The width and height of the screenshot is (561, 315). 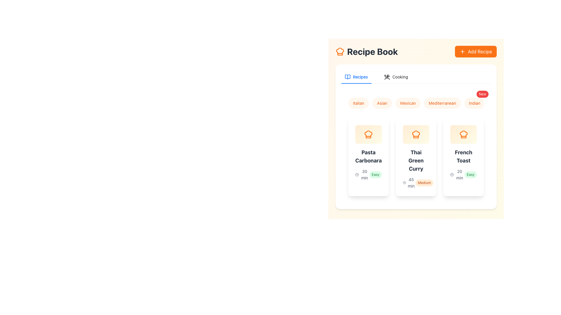 I want to click on the informational display group showing a clock icon, '30 min' text, and a green 'Easy' label located below the title of the recipe 'Pasta Carbonara', so click(x=368, y=174).